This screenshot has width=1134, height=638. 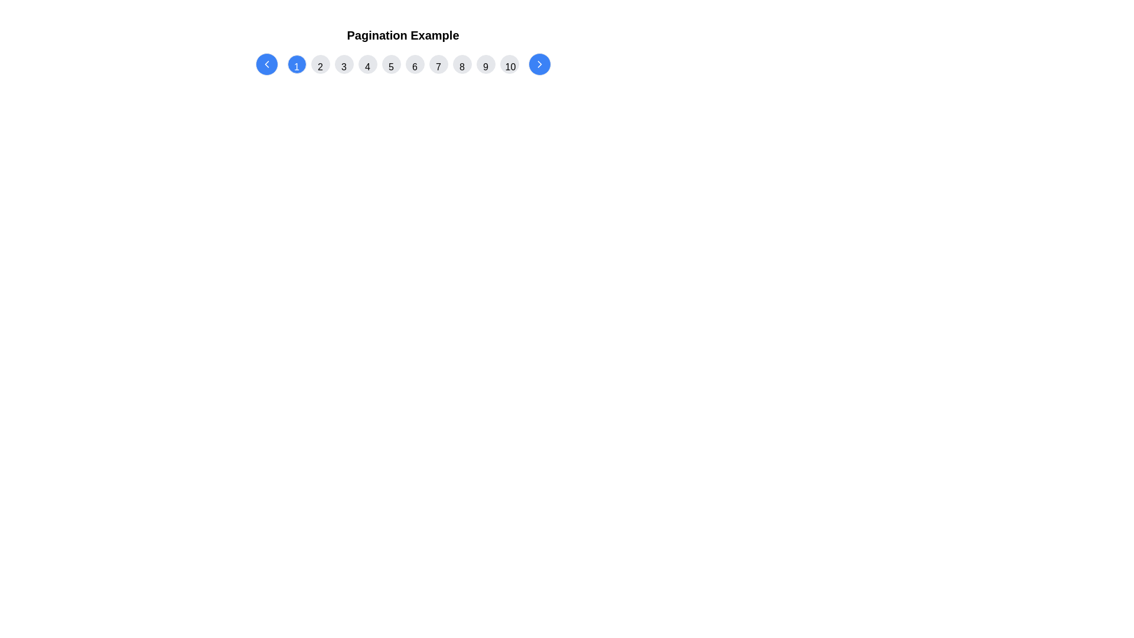 What do you see at coordinates (296, 64) in the screenshot?
I see `the first pagination button that navigates to the first page` at bounding box center [296, 64].